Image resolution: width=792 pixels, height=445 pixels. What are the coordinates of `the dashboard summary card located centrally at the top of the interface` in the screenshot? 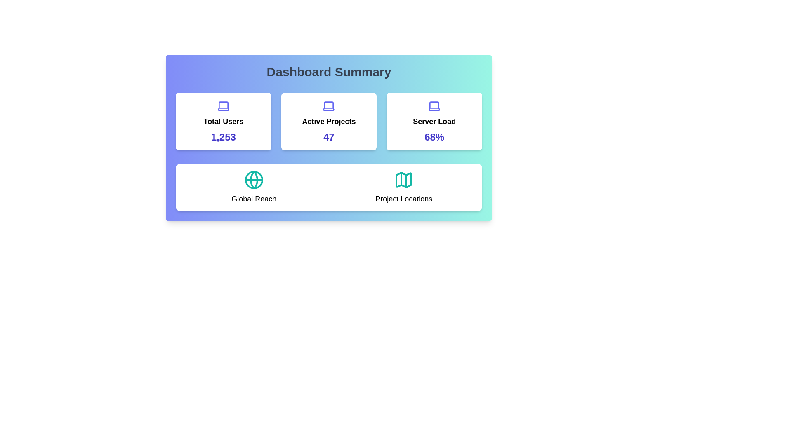 It's located at (328, 138).